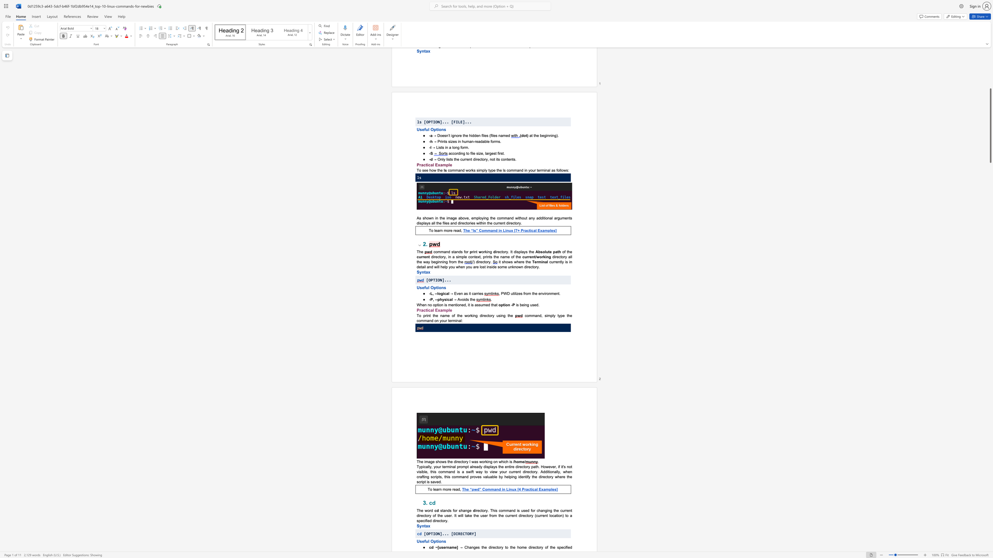  I want to click on the 3th character "-" in the text, so click(436, 299).